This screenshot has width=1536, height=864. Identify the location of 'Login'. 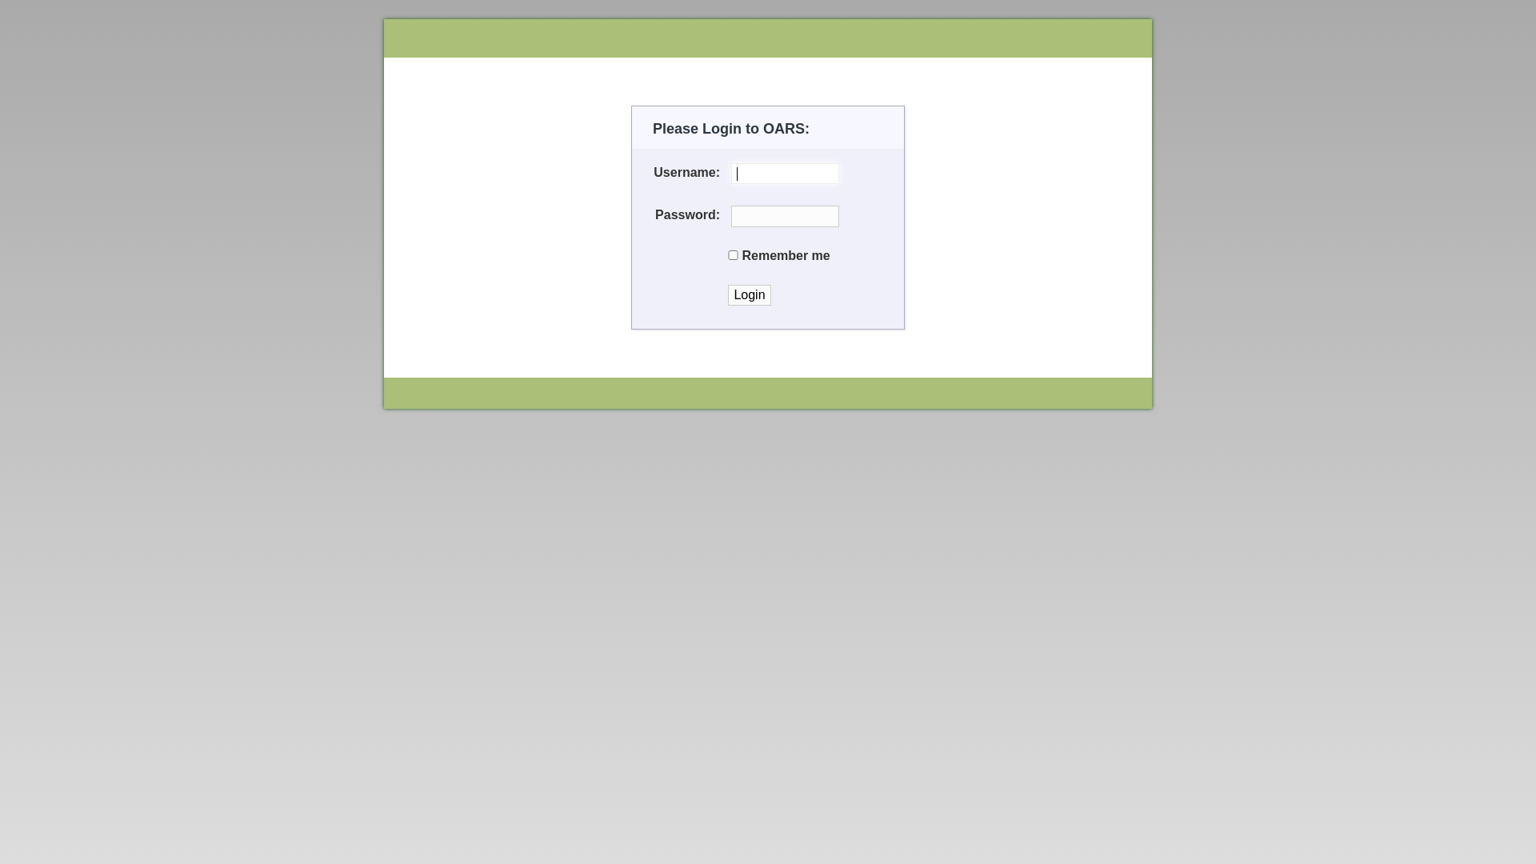
(748, 295).